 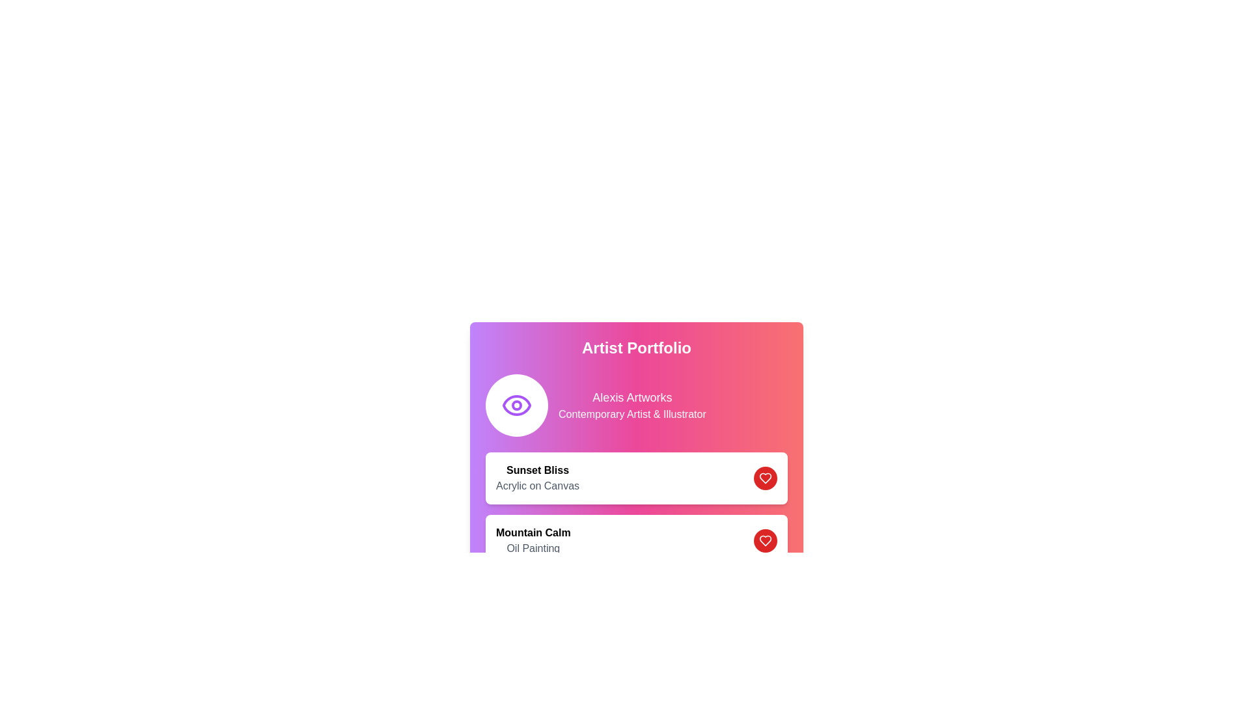 What do you see at coordinates (632, 414) in the screenshot?
I see `the text label displaying 'Contemporary Artist & Illustrator', which is located directly beneath 'Alexis Artworks' in the artist portfolio section` at bounding box center [632, 414].